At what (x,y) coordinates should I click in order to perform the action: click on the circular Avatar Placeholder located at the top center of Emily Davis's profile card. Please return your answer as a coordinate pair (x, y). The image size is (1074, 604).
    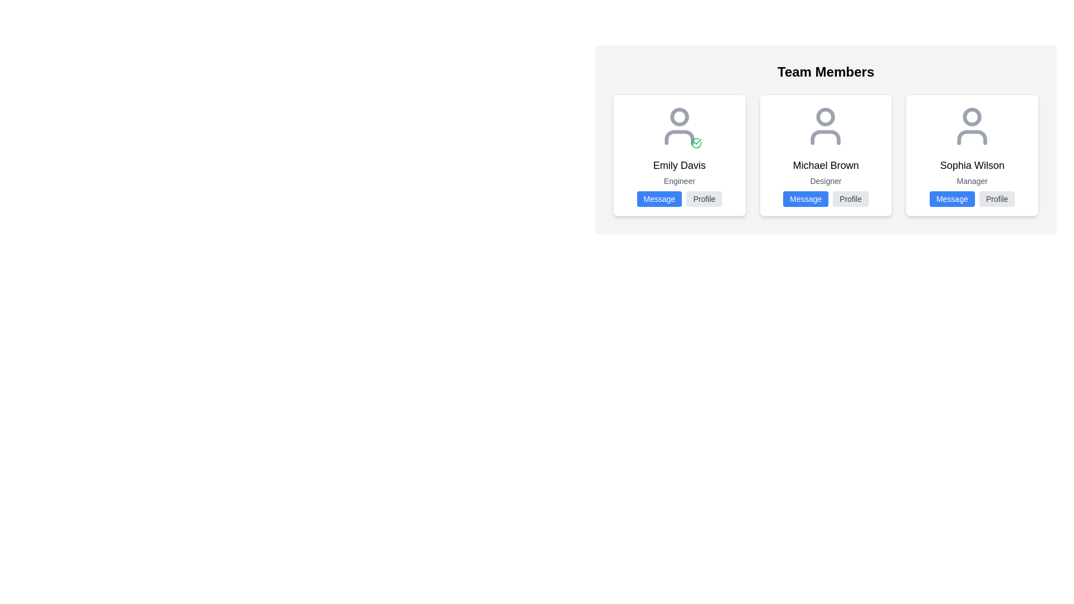
    Looking at the image, I should click on (679, 117).